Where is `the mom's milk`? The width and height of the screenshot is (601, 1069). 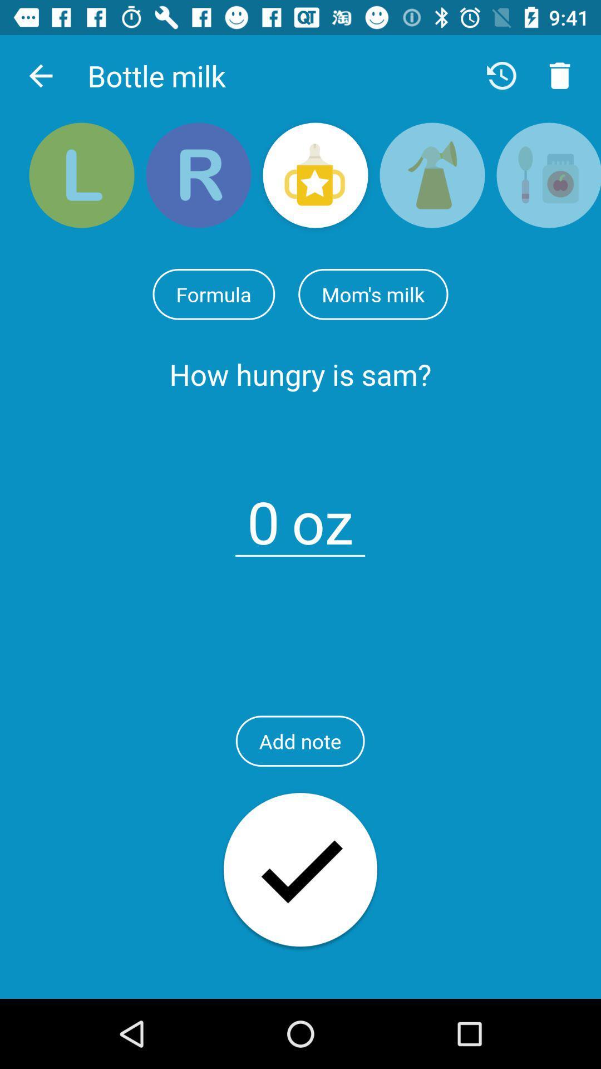
the mom's milk is located at coordinates (373, 294).